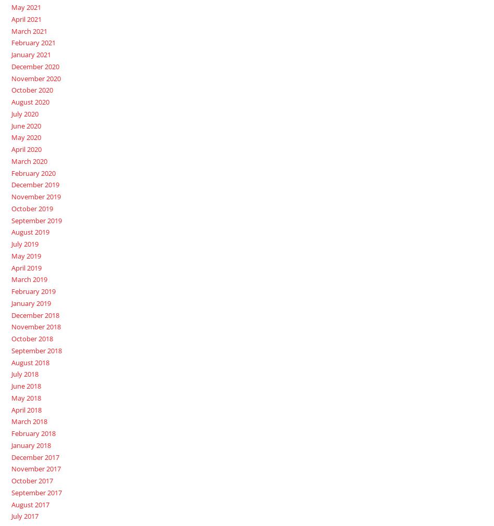  I want to click on 'June 2018', so click(25, 385).